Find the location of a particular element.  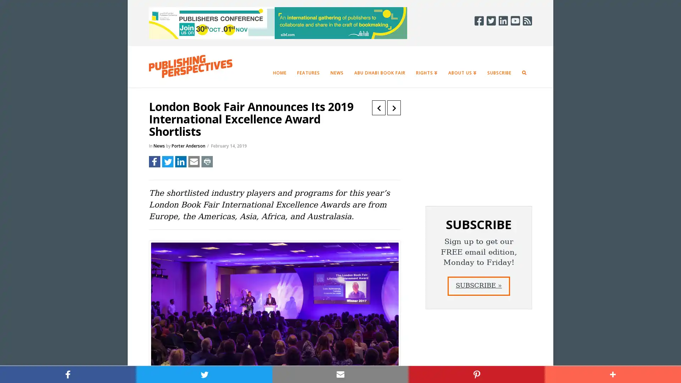

Share to LinkedIn is located at coordinates (181, 161).